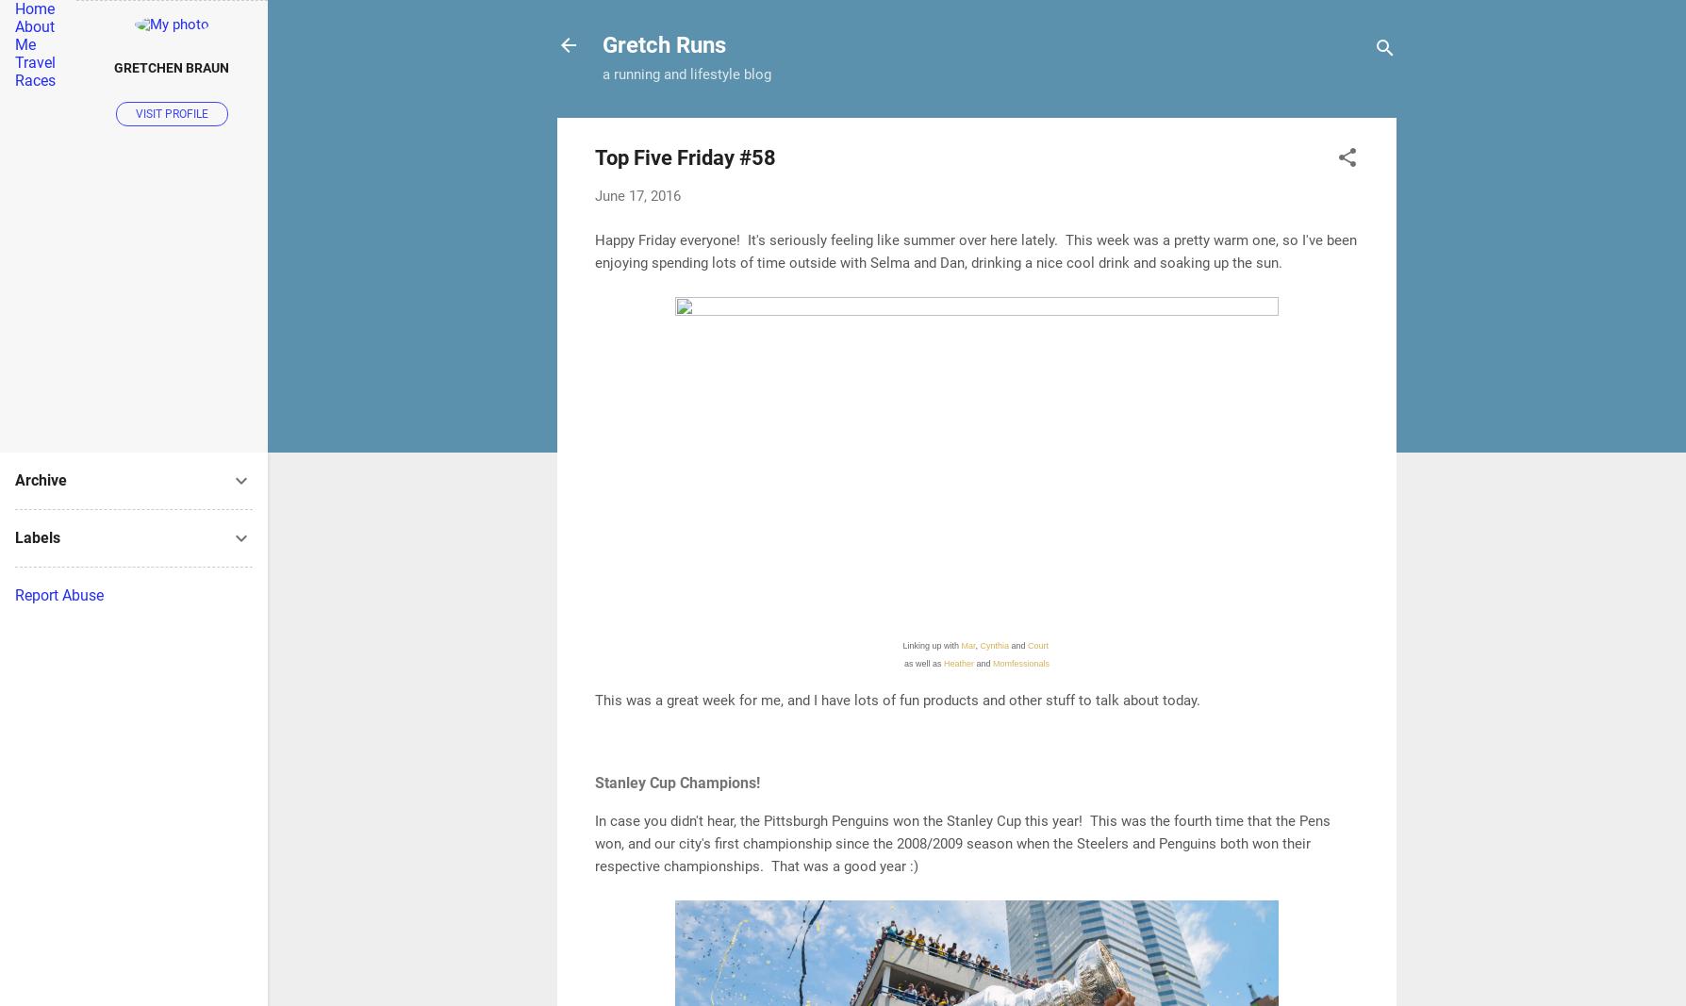  Describe the element at coordinates (1020, 663) in the screenshot. I see `'Momfessionals'` at that location.